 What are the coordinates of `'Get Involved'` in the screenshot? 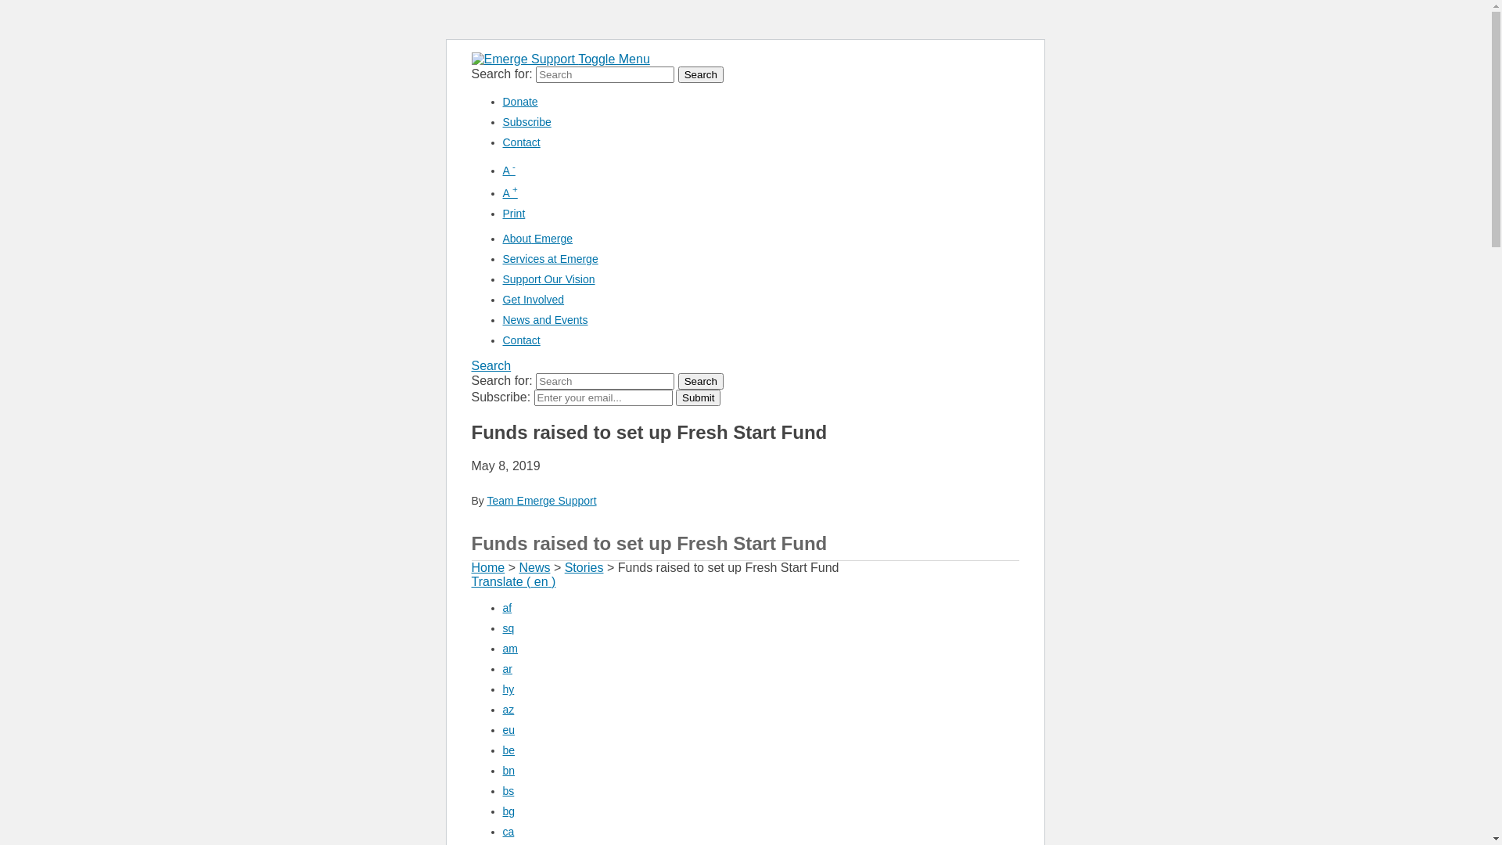 It's located at (502, 299).